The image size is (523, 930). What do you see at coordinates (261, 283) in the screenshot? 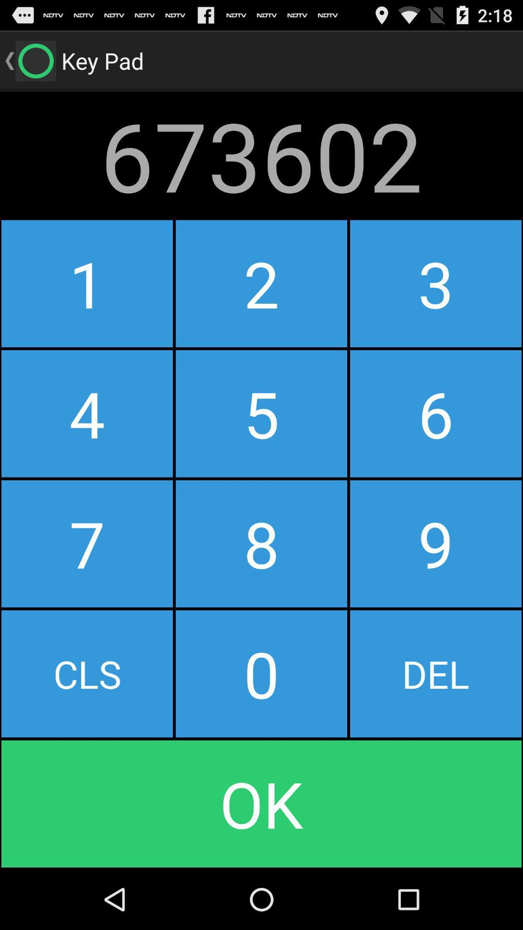
I see `the item above 4 icon` at bounding box center [261, 283].